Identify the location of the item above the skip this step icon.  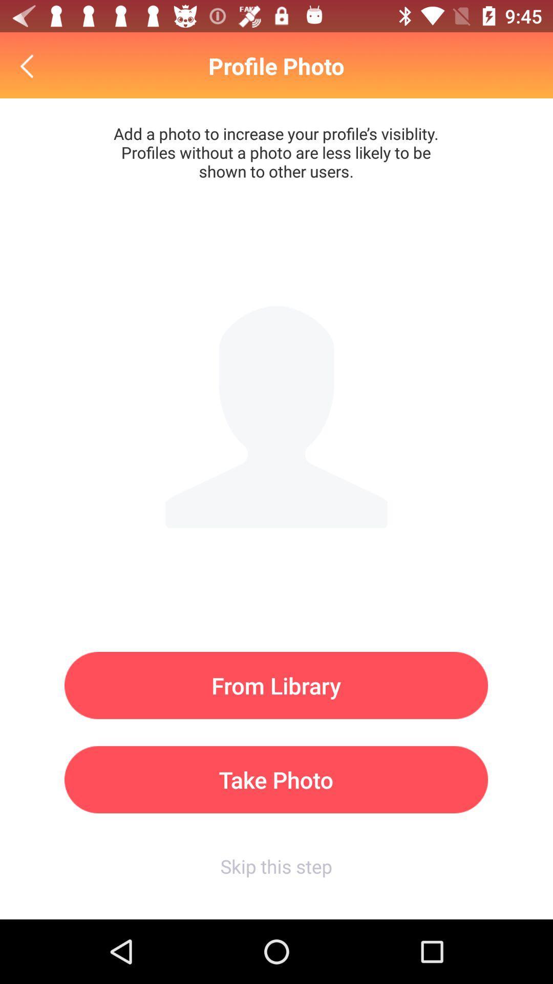
(275, 779).